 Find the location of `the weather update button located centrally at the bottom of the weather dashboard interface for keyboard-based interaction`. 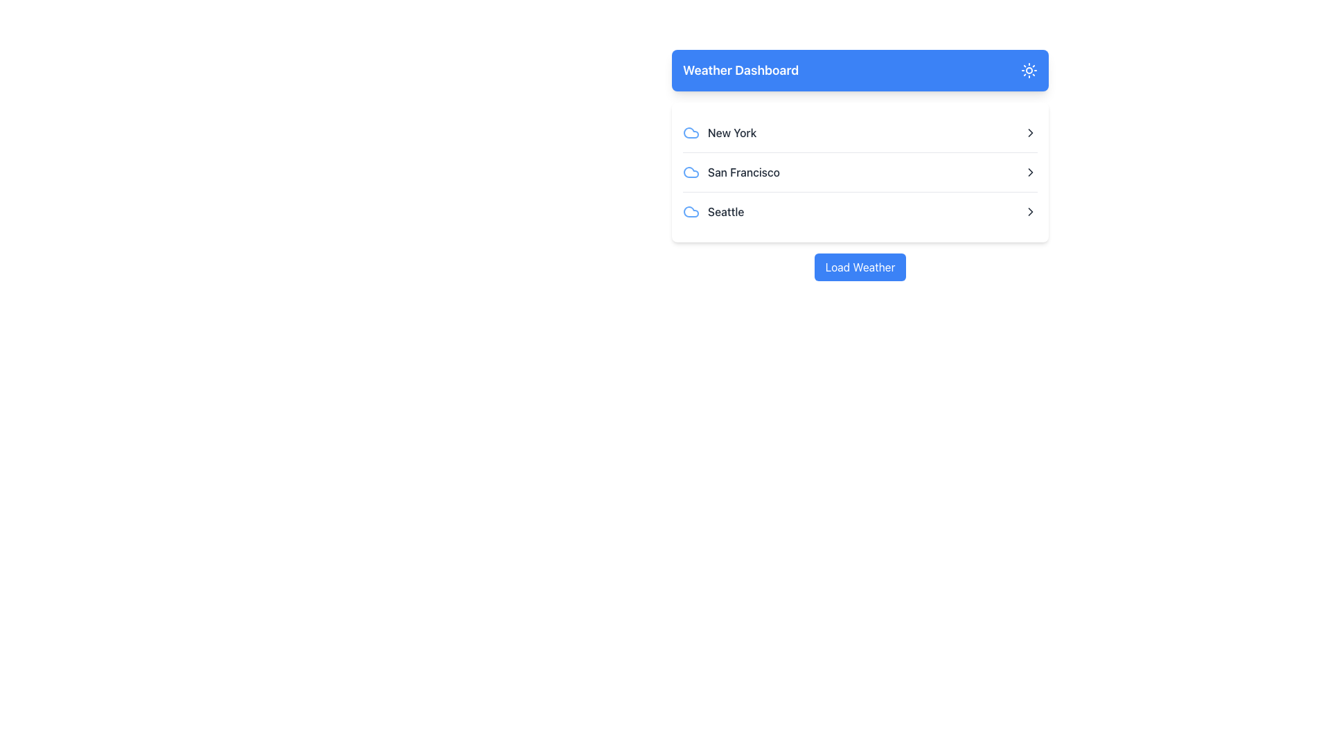

the weather update button located centrally at the bottom of the weather dashboard interface for keyboard-based interaction is located at coordinates (860, 267).